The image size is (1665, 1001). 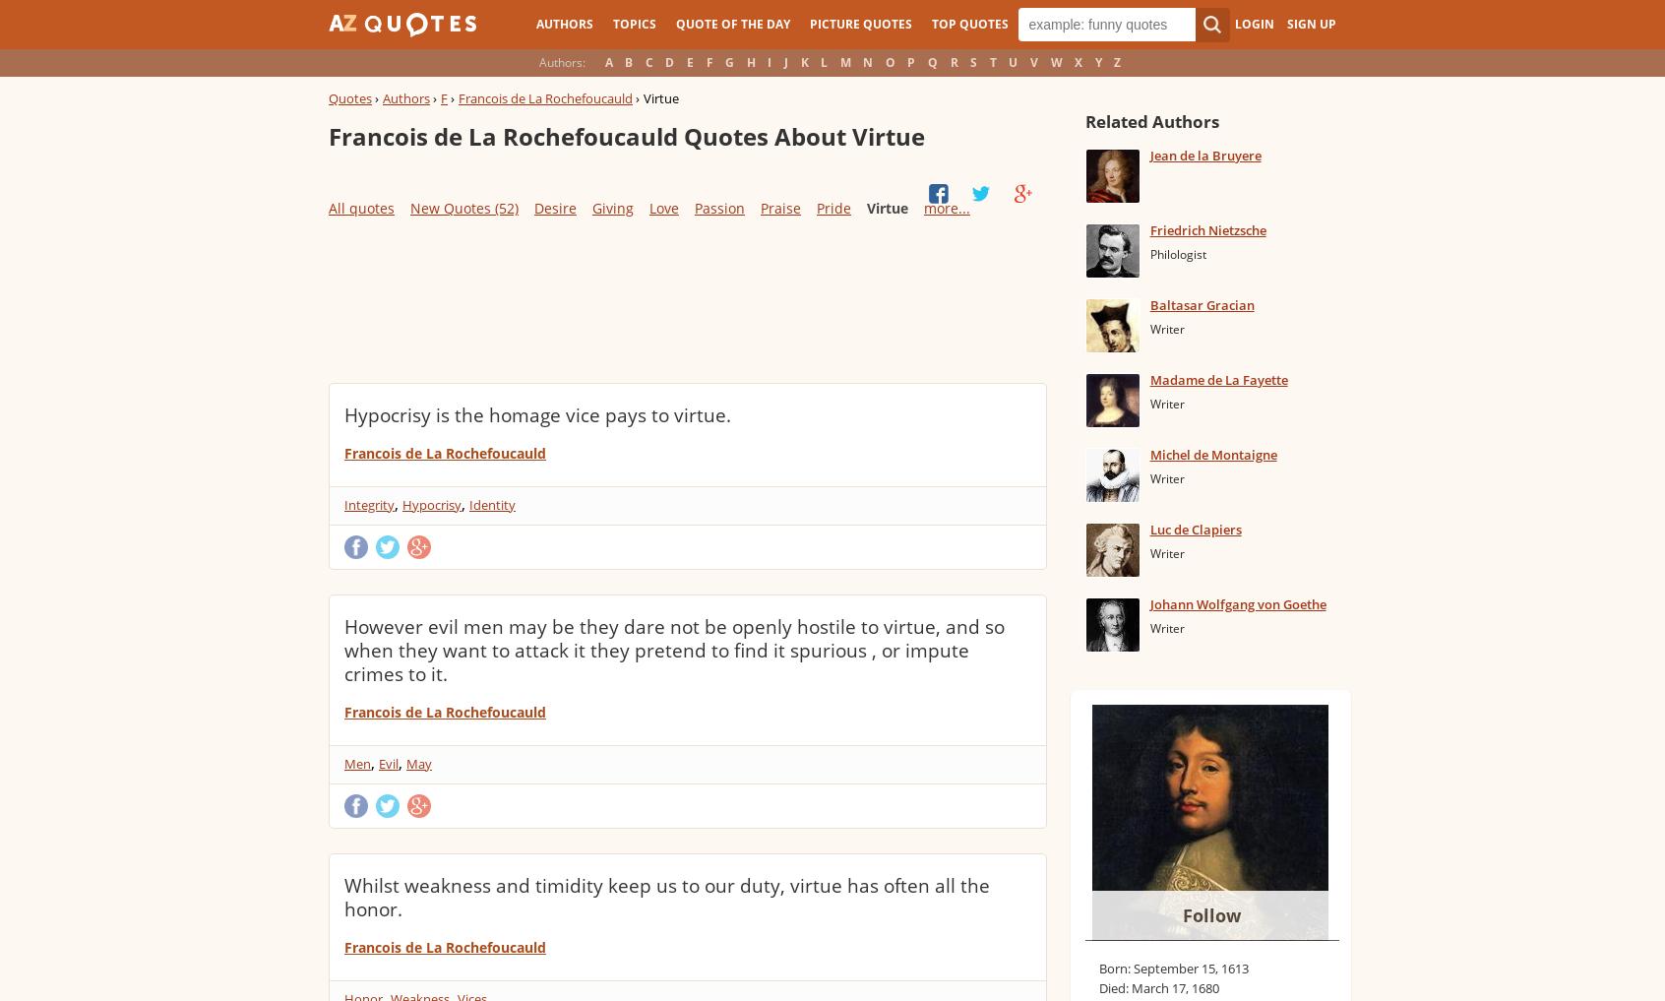 I want to click on 'U', so click(x=1012, y=62).